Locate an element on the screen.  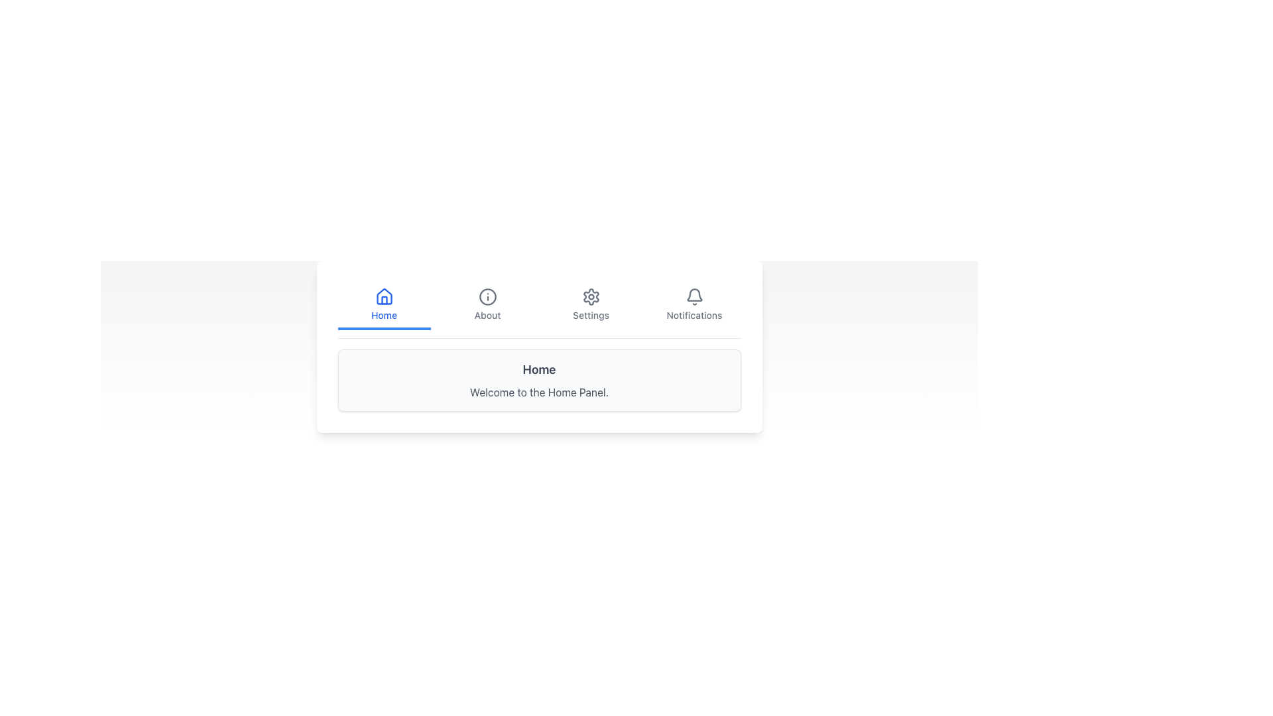
the 'Settings' text label, which is the third in a menu group beneath a gear icon is located at coordinates (590, 315).